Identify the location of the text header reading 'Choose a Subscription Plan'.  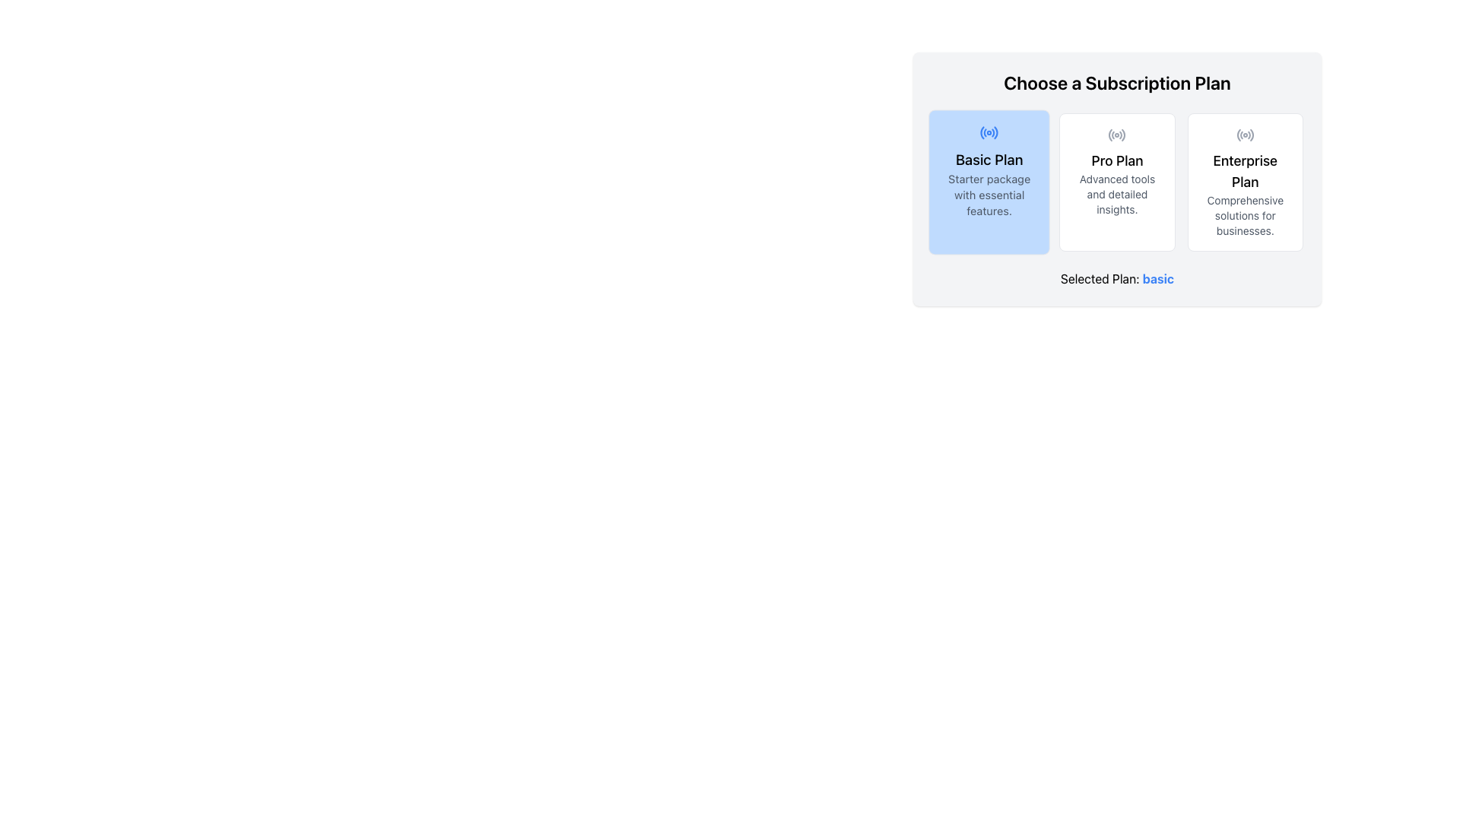
(1117, 82).